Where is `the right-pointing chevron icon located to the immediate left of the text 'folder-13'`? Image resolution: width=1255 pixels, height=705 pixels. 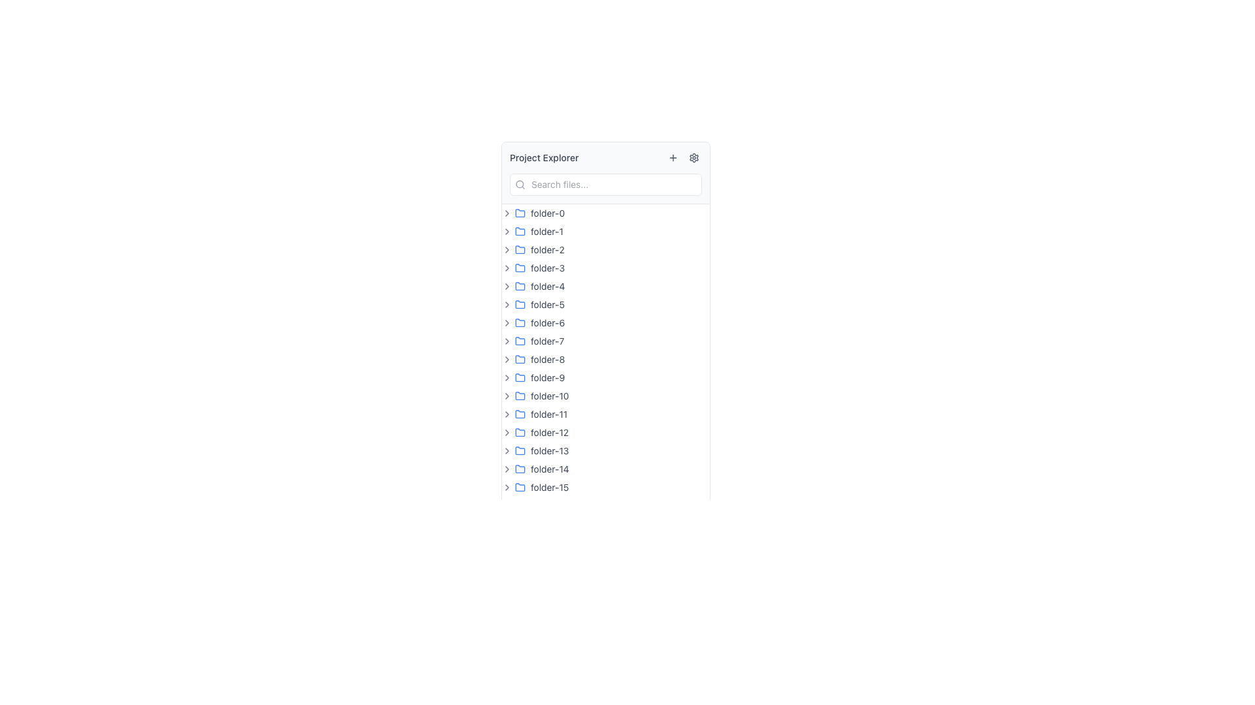
the right-pointing chevron icon located to the immediate left of the text 'folder-13' is located at coordinates (507, 450).